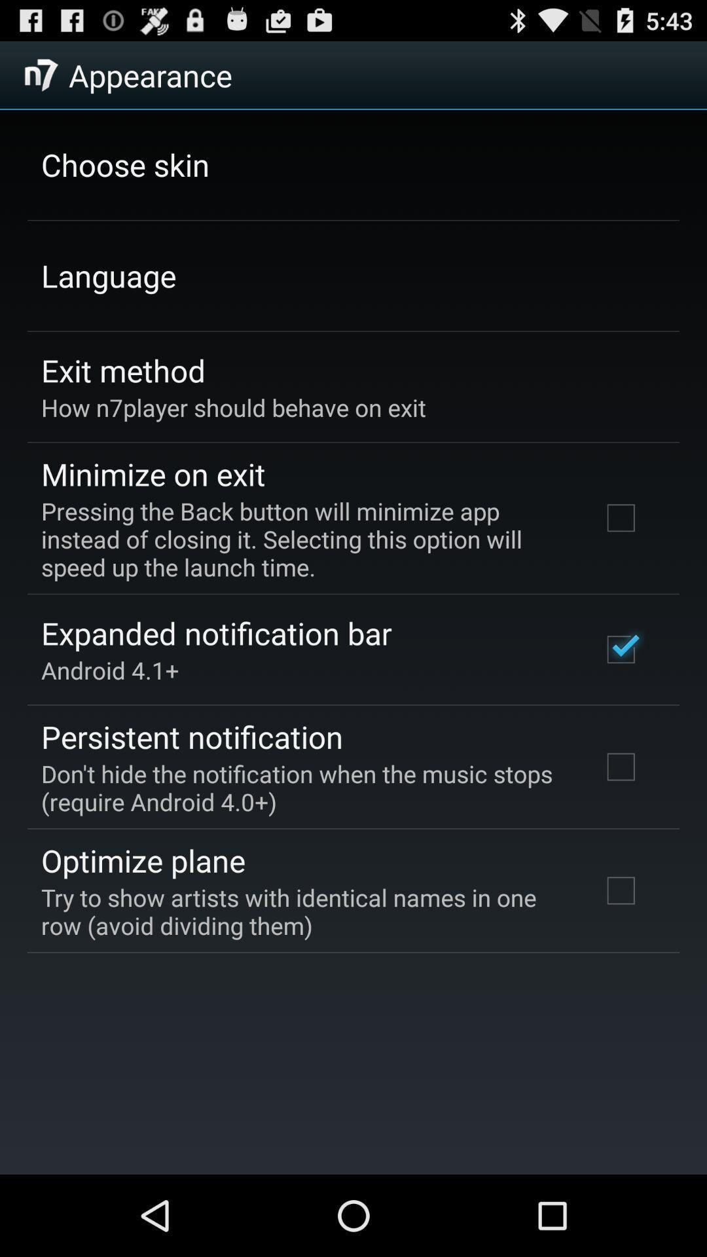 The image size is (707, 1257). Describe the element at coordinates (192, 737) in the screenshot. I see `the persistent notification item` at that location.